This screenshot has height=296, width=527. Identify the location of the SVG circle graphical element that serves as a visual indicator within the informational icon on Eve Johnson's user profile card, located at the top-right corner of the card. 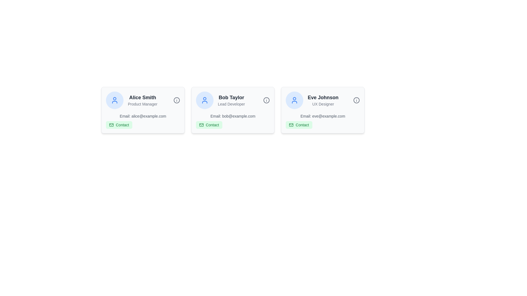
(357, 100).